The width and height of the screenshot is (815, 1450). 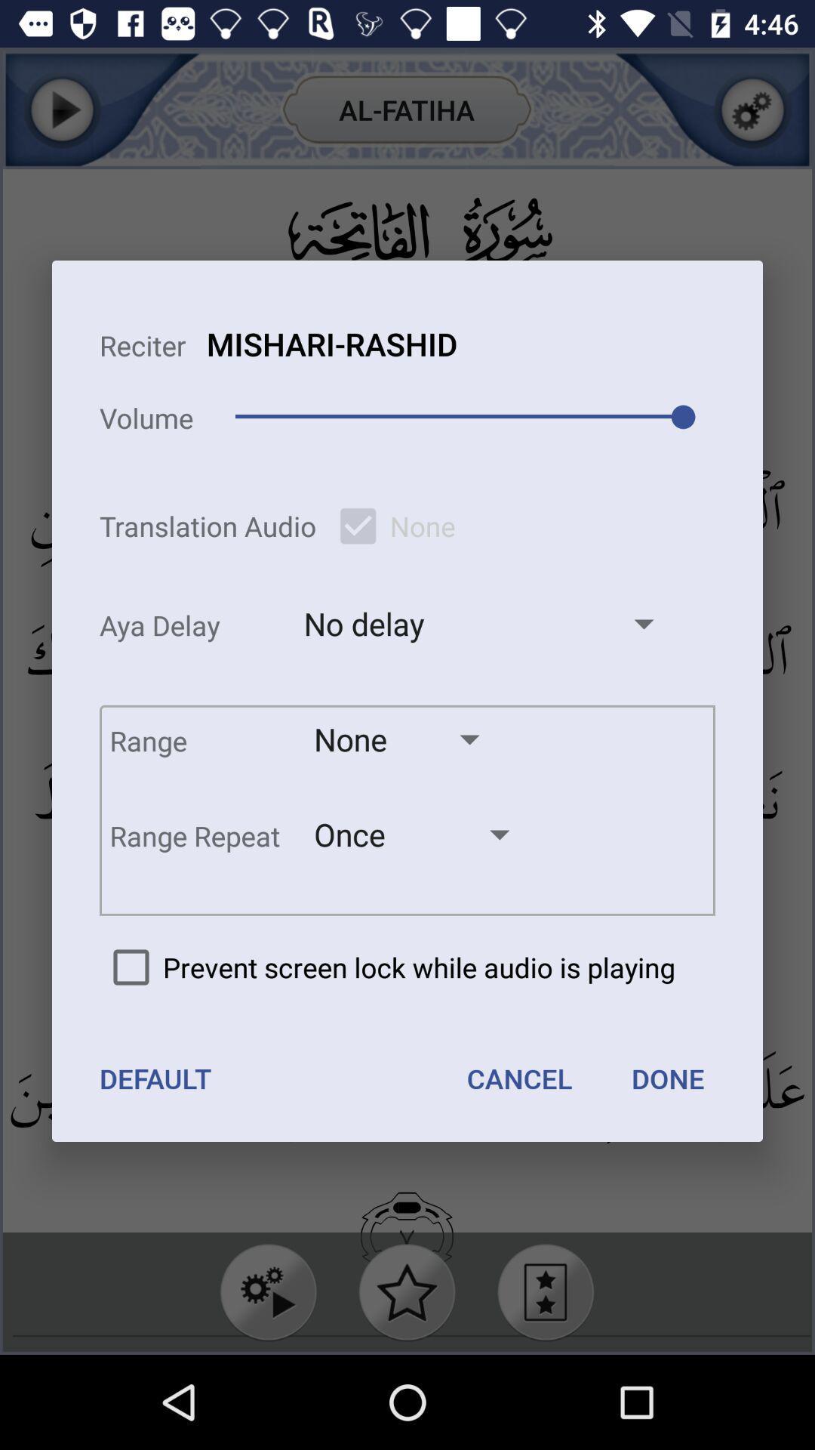 What do you see at coordinates (666, 1078) in the screenshot?
I see `the done icon` at bounding box center [666, 1078].